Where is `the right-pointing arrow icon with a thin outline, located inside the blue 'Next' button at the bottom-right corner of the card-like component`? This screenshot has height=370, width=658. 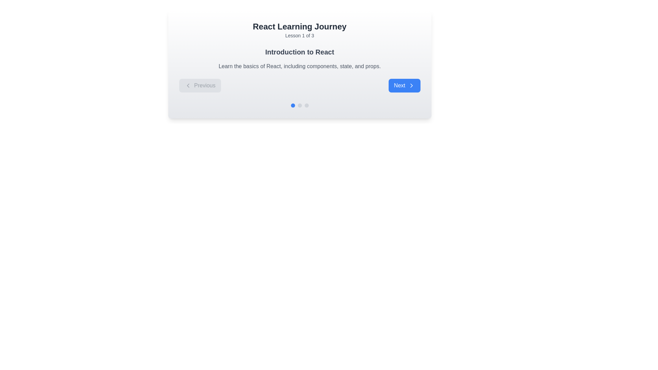
the right-pointing arrow icon with a thin outline, located inside the blue 'Next' button at the bottom-right corner of the card-like component is located at coordinates (411, 85).